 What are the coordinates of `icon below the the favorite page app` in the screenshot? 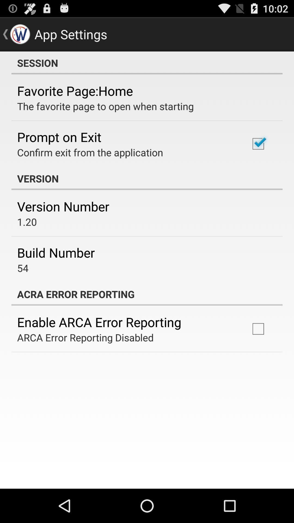 It's located at (59, 137).